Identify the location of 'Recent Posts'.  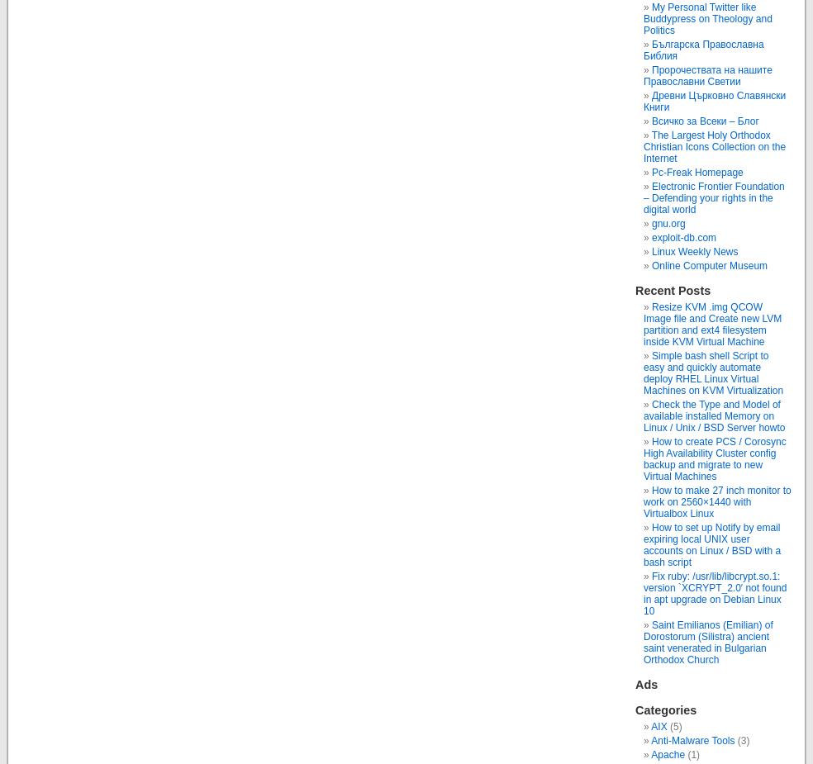
(672, 289).